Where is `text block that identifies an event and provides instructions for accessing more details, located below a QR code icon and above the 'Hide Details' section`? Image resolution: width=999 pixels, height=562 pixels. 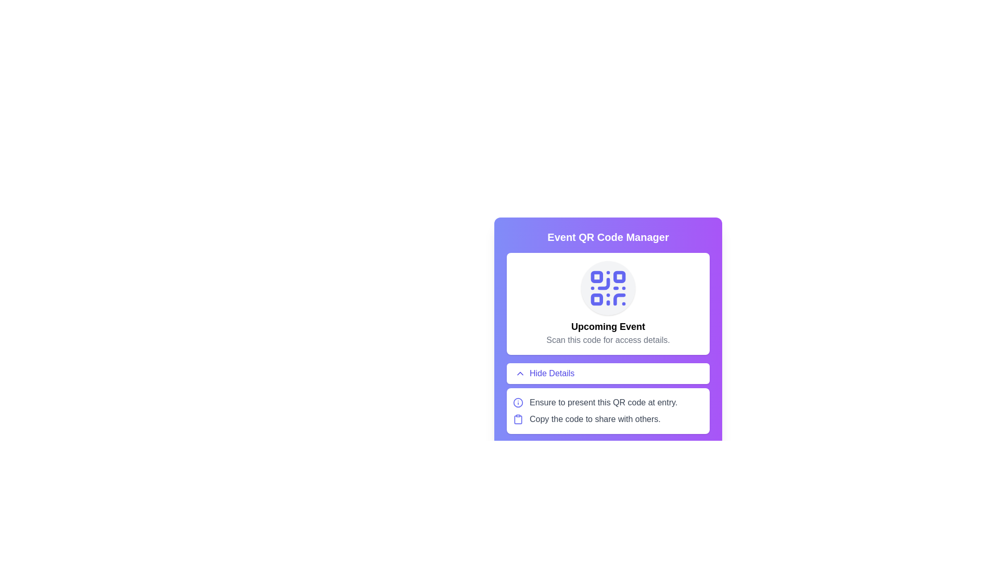
text block that identifies an event and provides instructions for accessing more details, located below a QR code icon and above the 'Hide Details' section is located at coordinates (608, 333).